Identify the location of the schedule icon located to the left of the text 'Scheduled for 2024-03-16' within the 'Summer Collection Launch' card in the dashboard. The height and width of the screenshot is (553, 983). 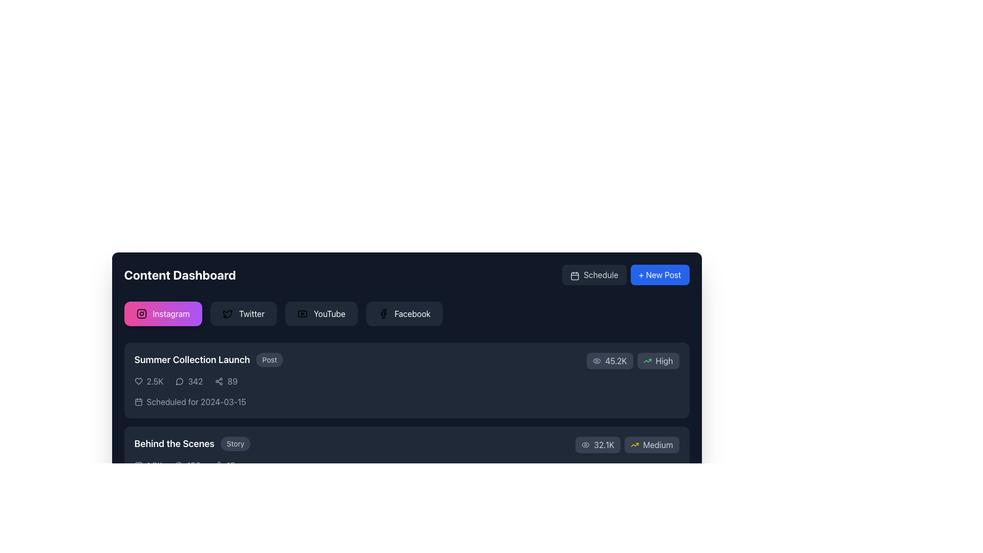
(138, 485).